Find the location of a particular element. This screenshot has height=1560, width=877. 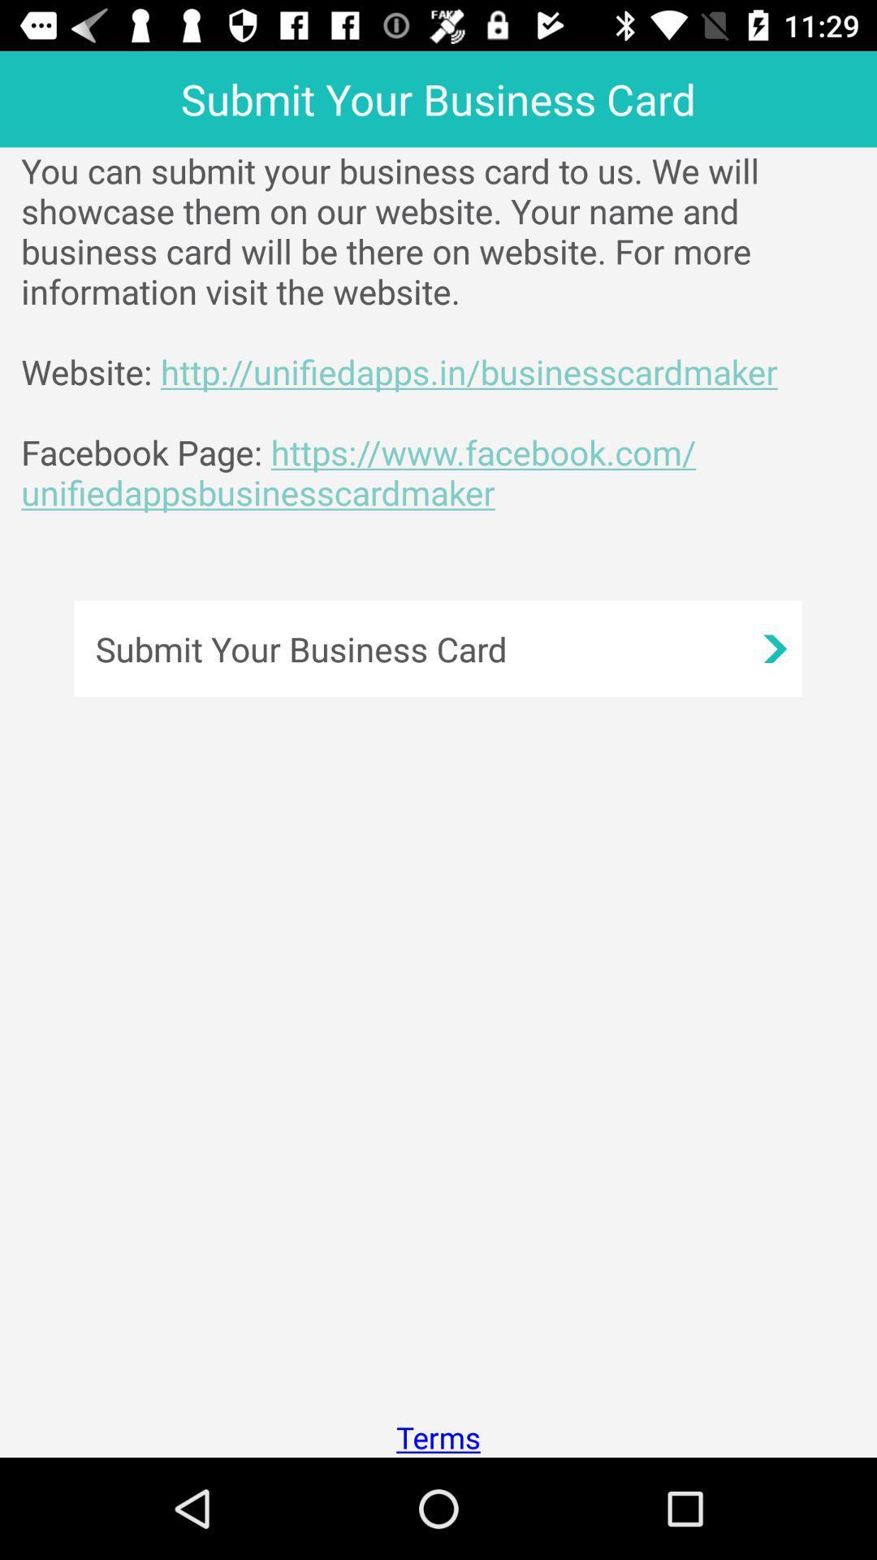

the you can submit is located at coordinates (449, 331).